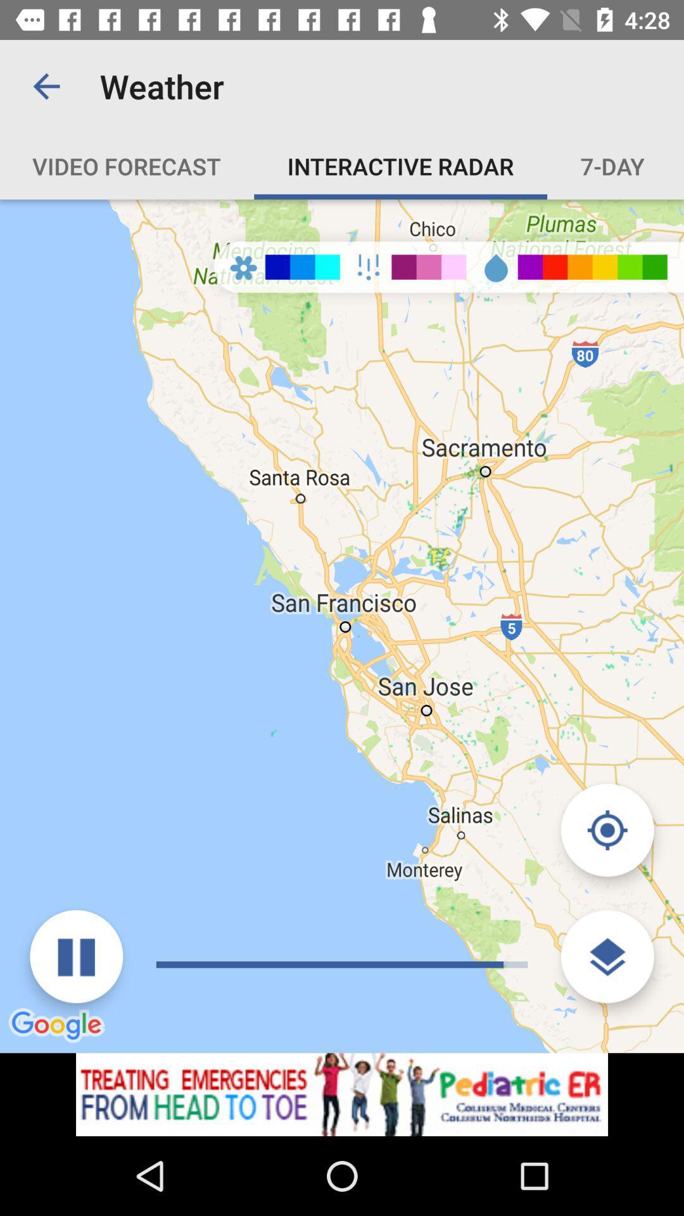  Describe the element at coordinates (342, 1094) in the screenshot. I see `map page` at that location.